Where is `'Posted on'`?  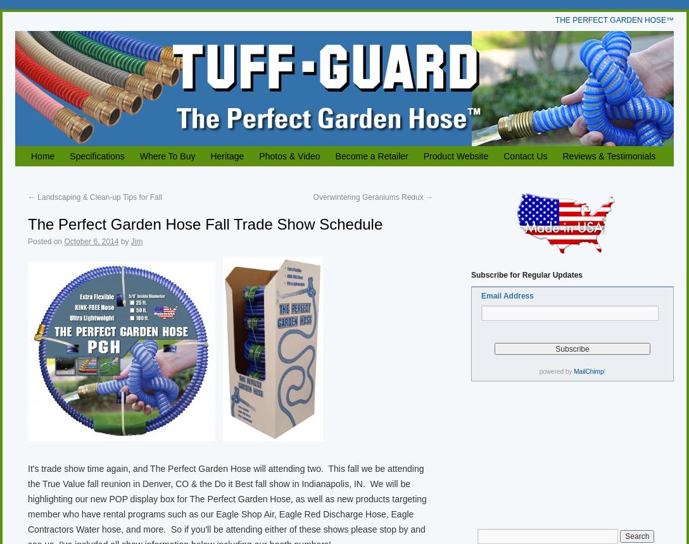 'Posted on' is located at coordinates (45, 241).